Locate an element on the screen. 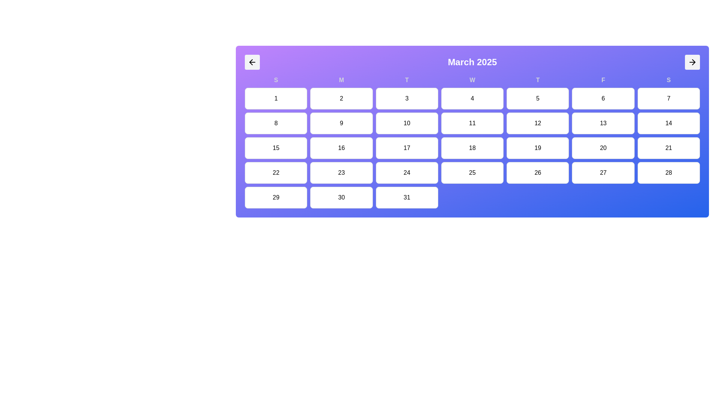 The image size is (721, 405). the Calendar day cell representing the 13th day in the Friday column is located at coordinates (603, 123).